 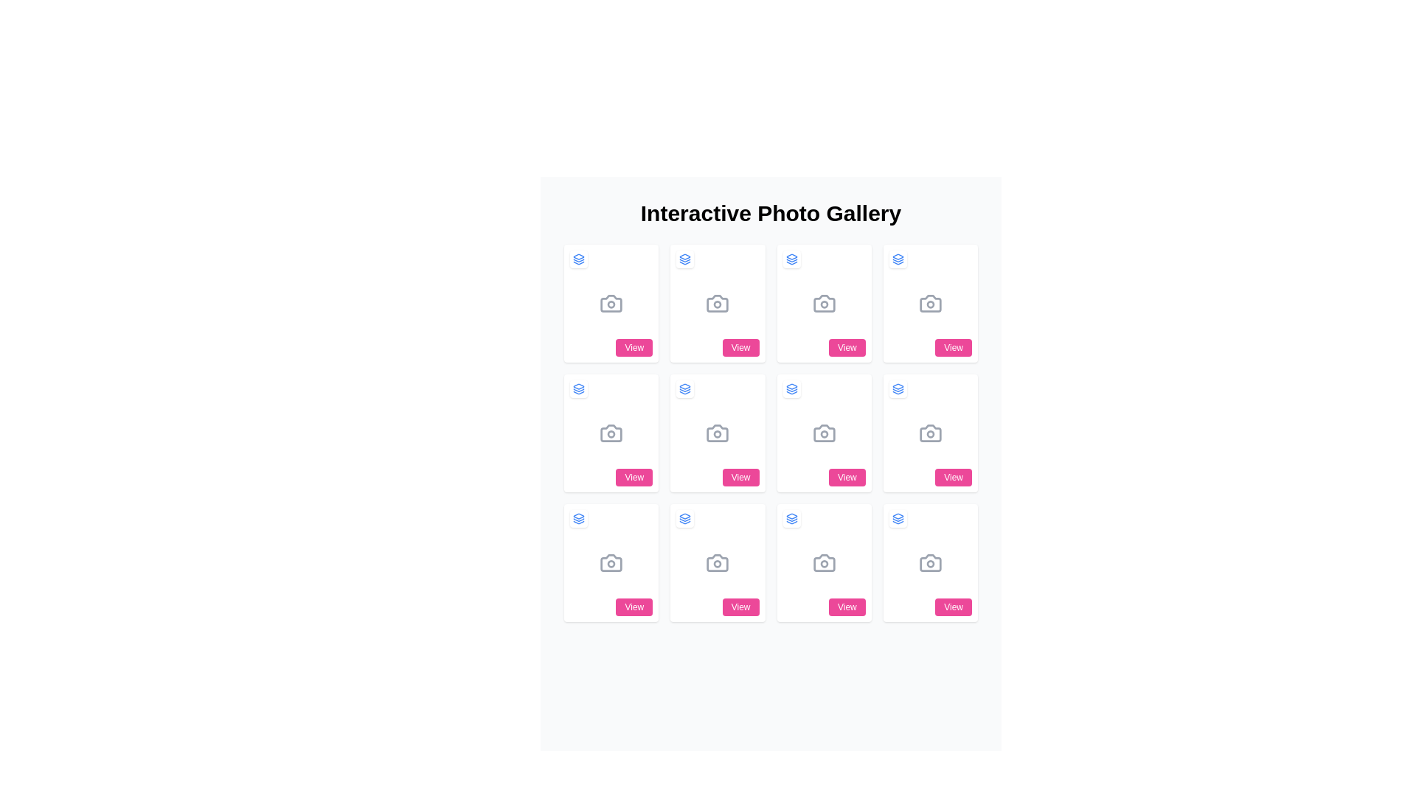 What do you see at coordinates (740, 478) in the screenshot?
I see `the call-to-action button located in the bottom-right corner of the second row's middle card to trigger the hover effect` at bounding box center [740, 478].